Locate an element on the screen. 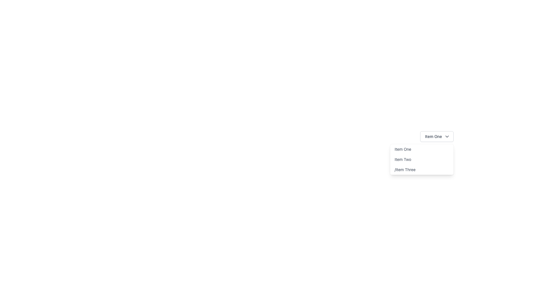 The width and height of the screenshot is (544, 306). the dropdown button labeled 'Item One' is located at coordinates (436, 137).